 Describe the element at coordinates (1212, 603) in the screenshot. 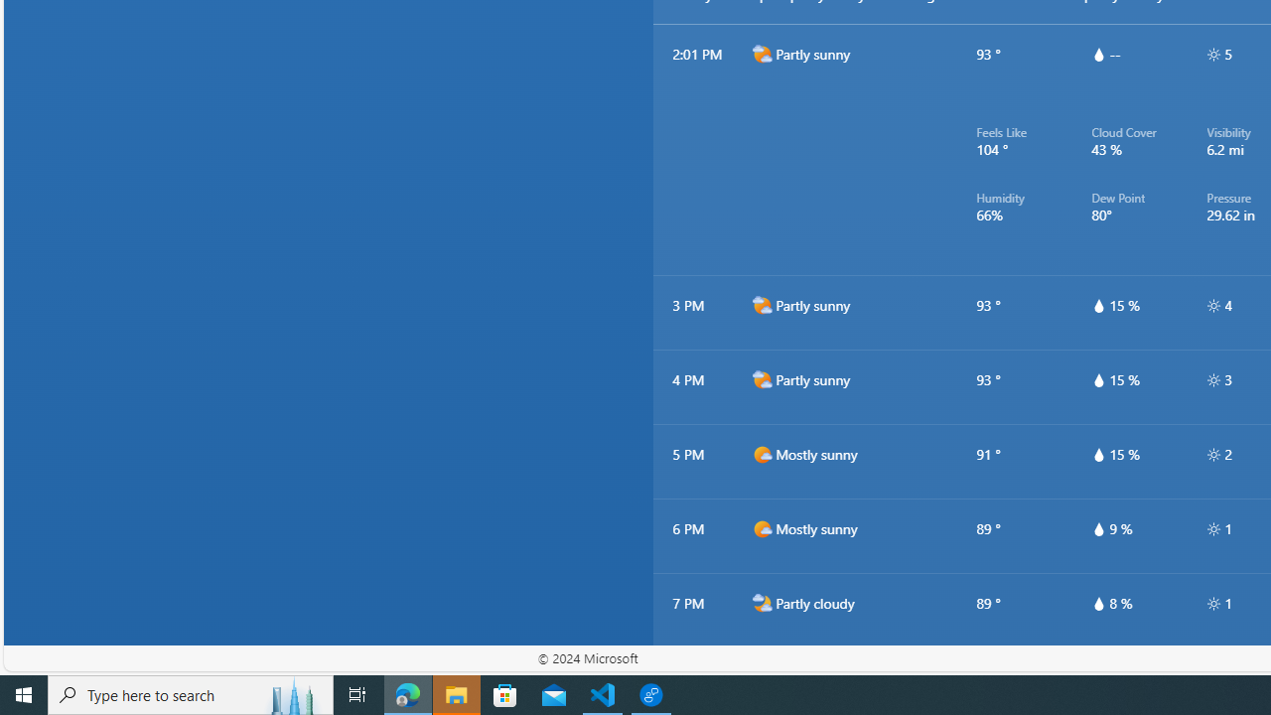

I see `'hourlyTable/uv'` at that location.